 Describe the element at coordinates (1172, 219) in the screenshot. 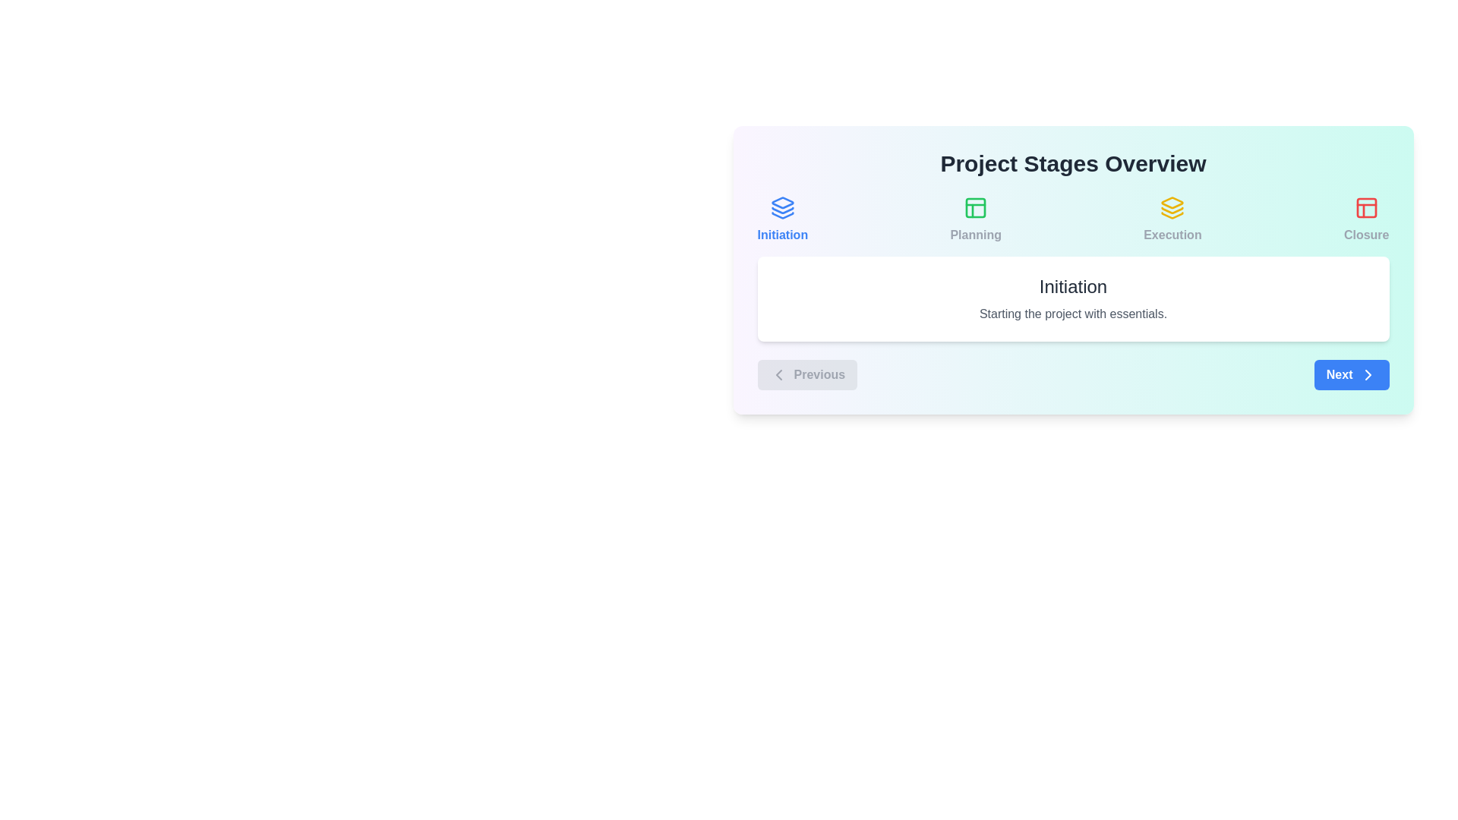

I see `the 'Execution' icon and text element, which is a vertically aligned pair consisting of a yellow outlined stack of shapes and the word 'Execution' in light gray, located in the third column of the 'Project Stages Overview'` at that location.